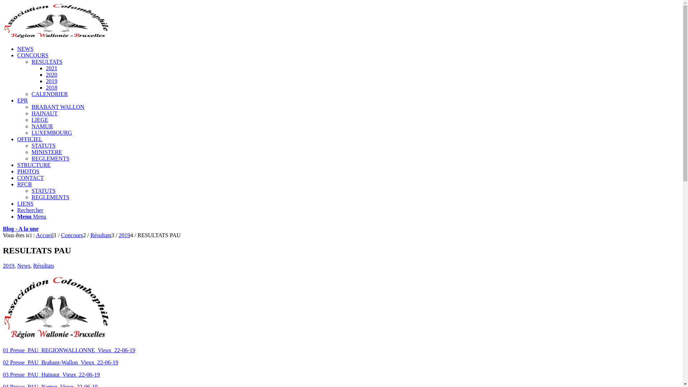  What do you see at coordinates (30, 177) in the screenshot?
I see `'CONTACT'` at bounding box center [30, 177].